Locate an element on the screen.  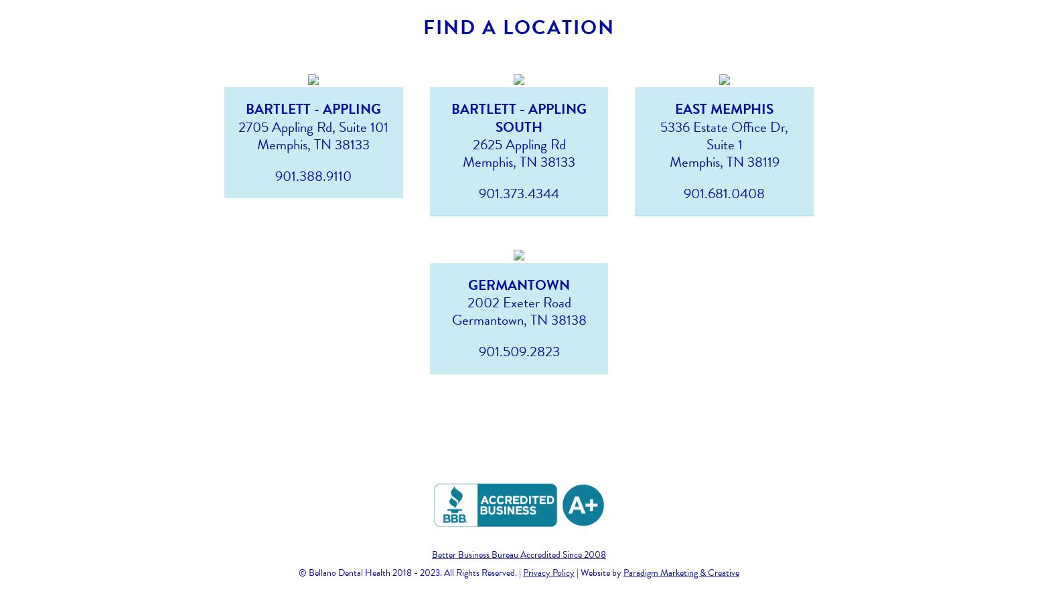
'Memphis, TN 38119' is located at coordinates (723, 161).